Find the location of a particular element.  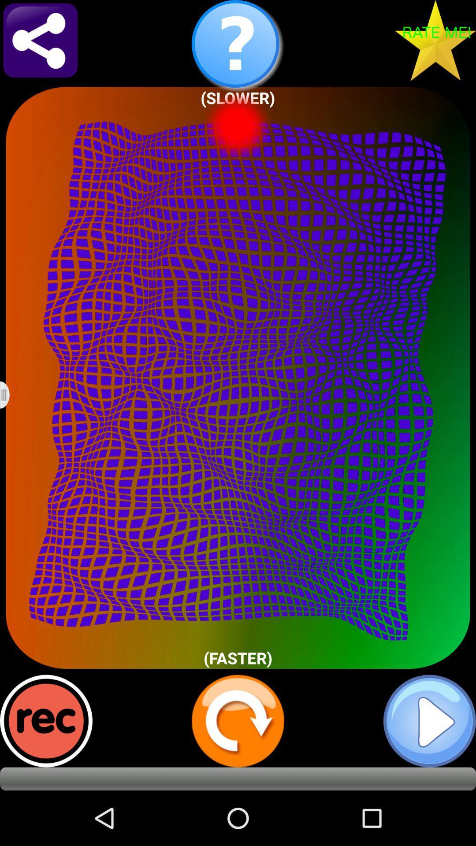

help is located at coordinates (238, 46).